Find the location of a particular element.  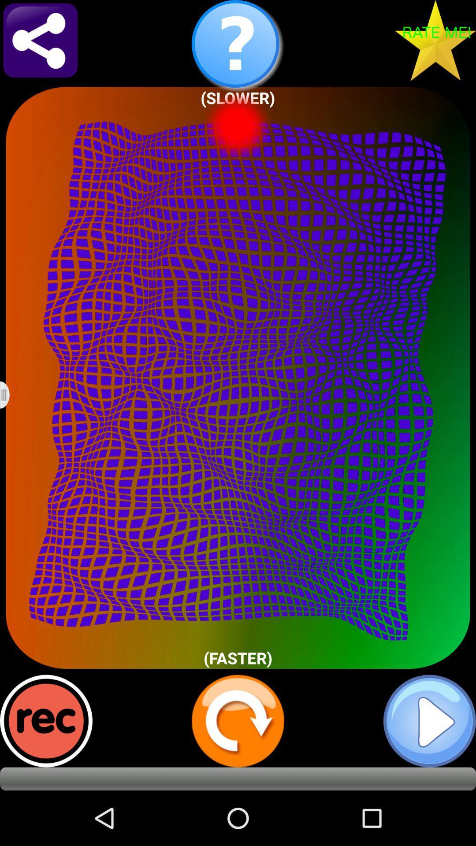

help is located at coordinates (238, 46).